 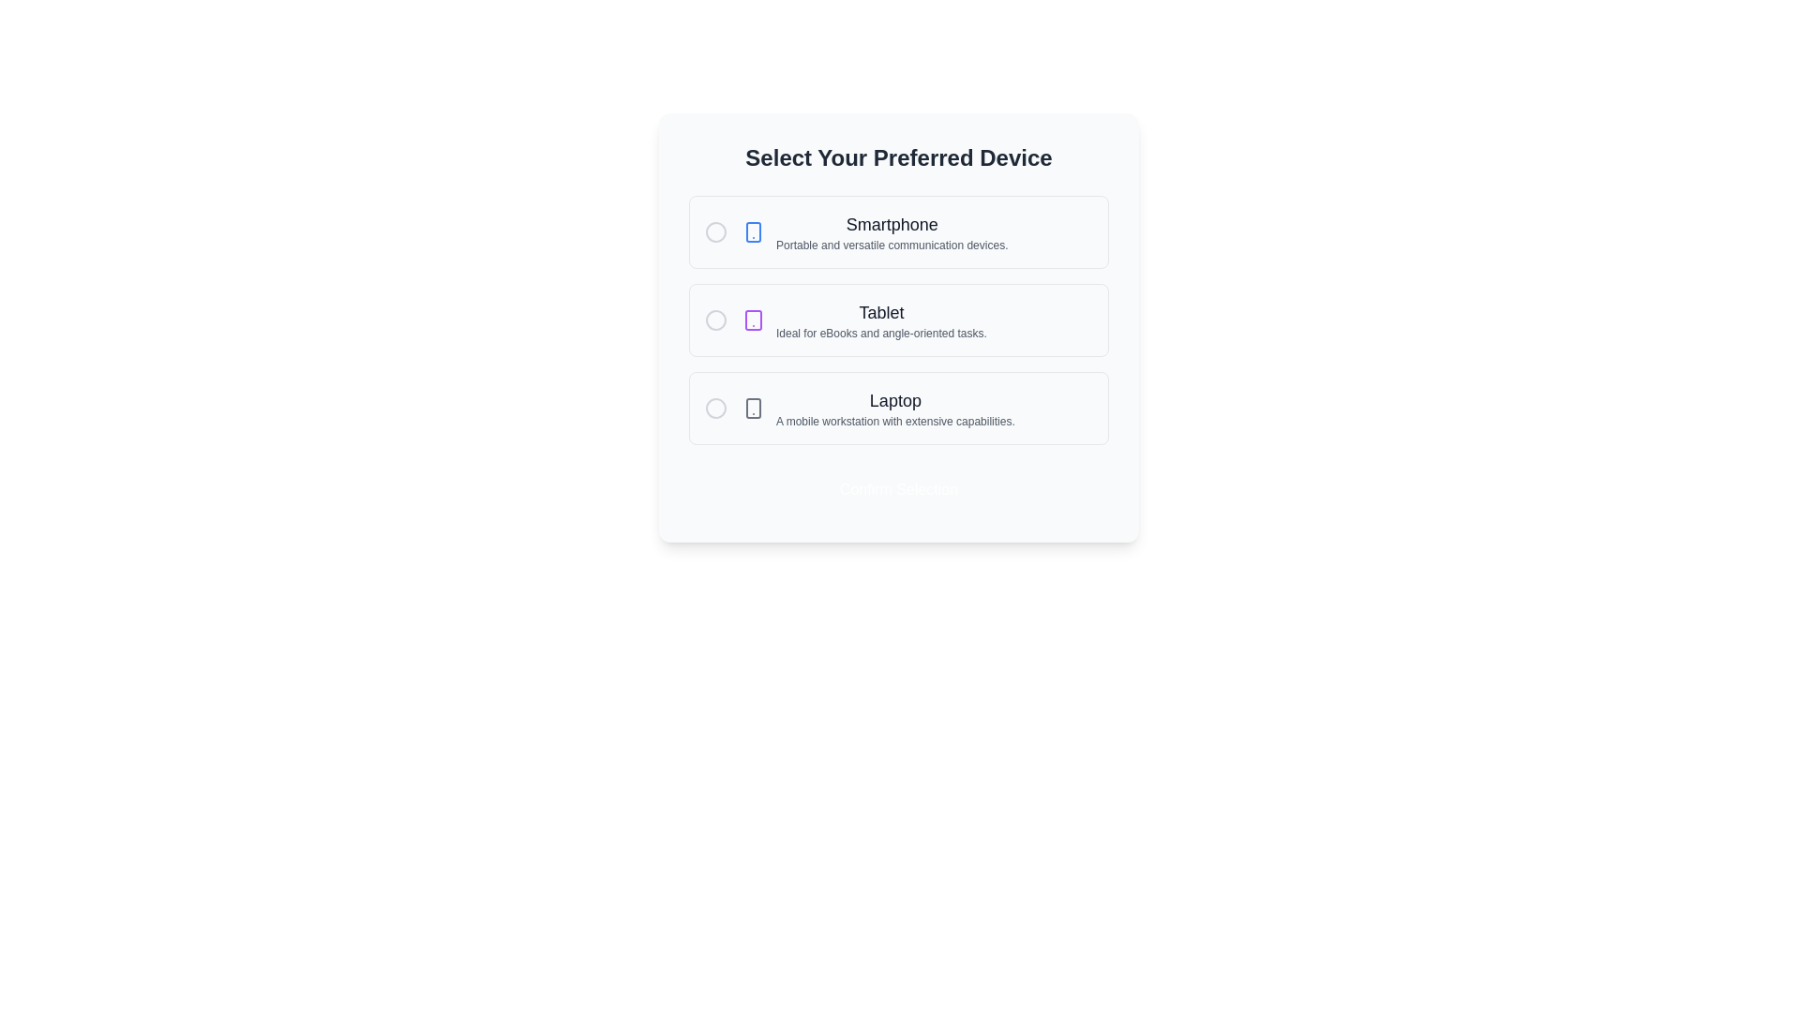 I want to click on the text label for the first selectable option titled 'Smartphone' within the 'Select Your Preferred Device' interface, so click(x=891, y=223).